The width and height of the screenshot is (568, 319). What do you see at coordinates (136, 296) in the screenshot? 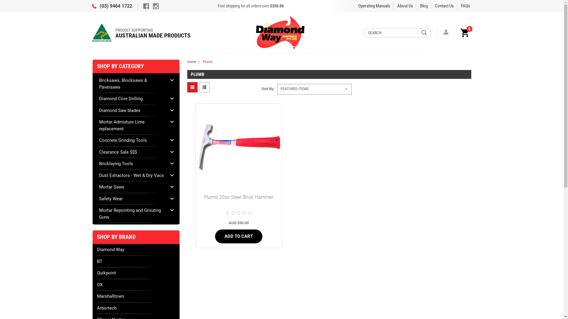
I see `'Marshalltown'` at bounding box center [136, 296].